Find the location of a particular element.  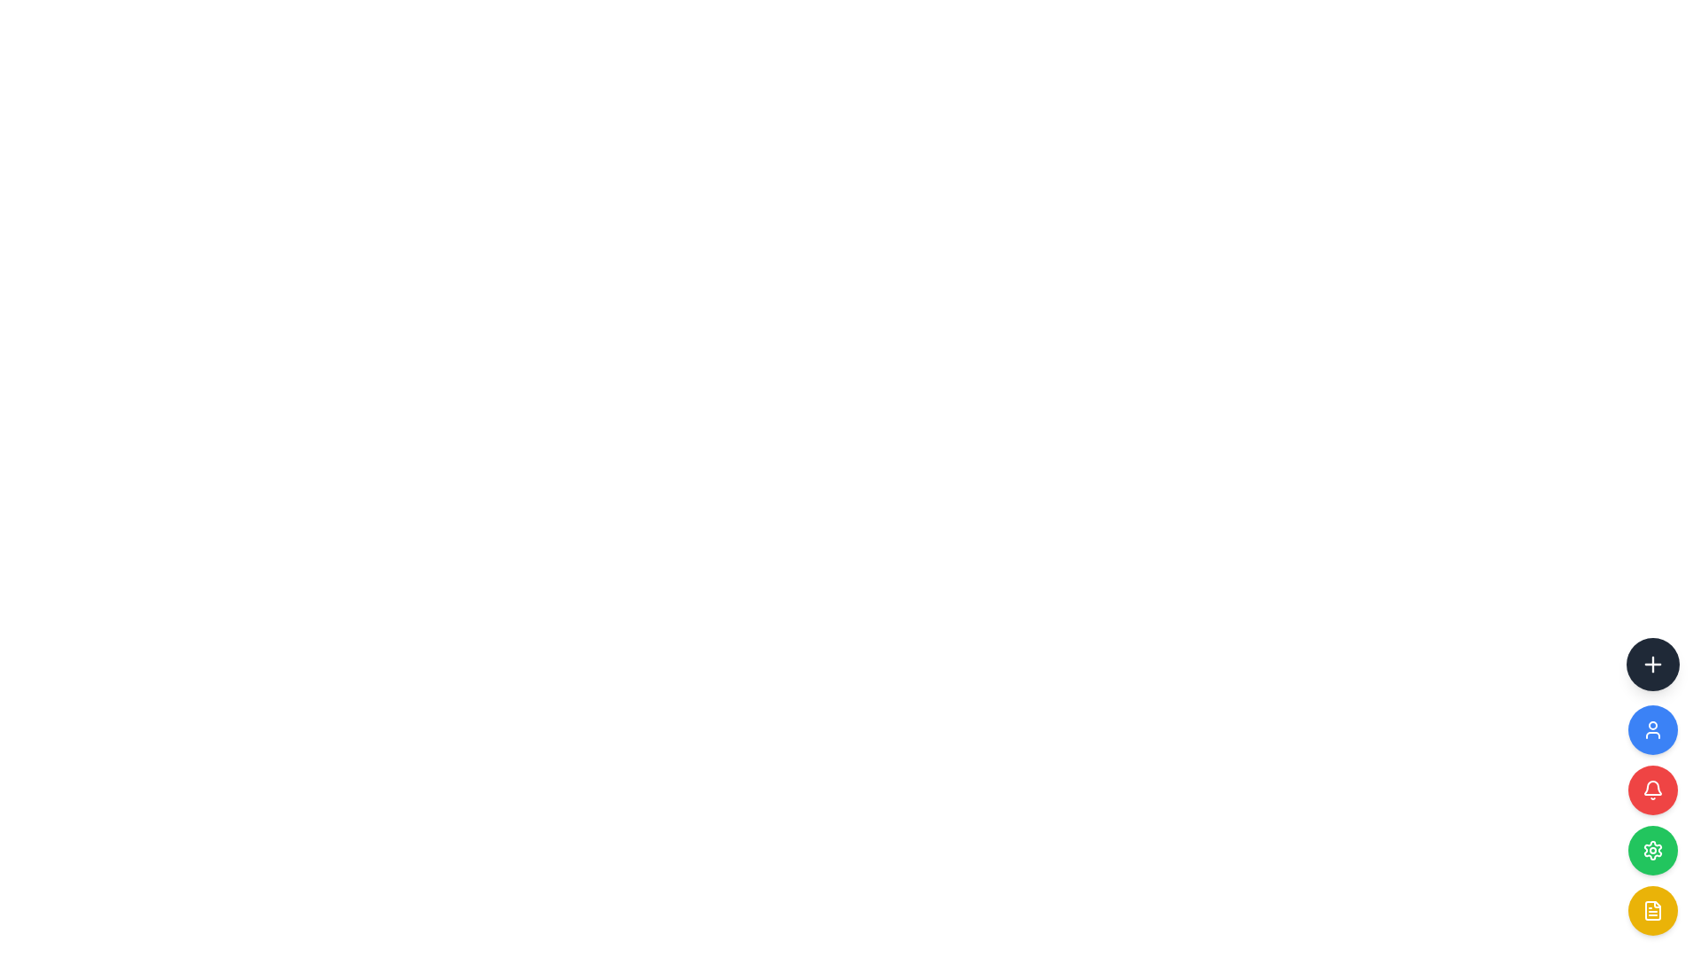

the circular red button with a white bell icon is located at coordinates (1652, 789).